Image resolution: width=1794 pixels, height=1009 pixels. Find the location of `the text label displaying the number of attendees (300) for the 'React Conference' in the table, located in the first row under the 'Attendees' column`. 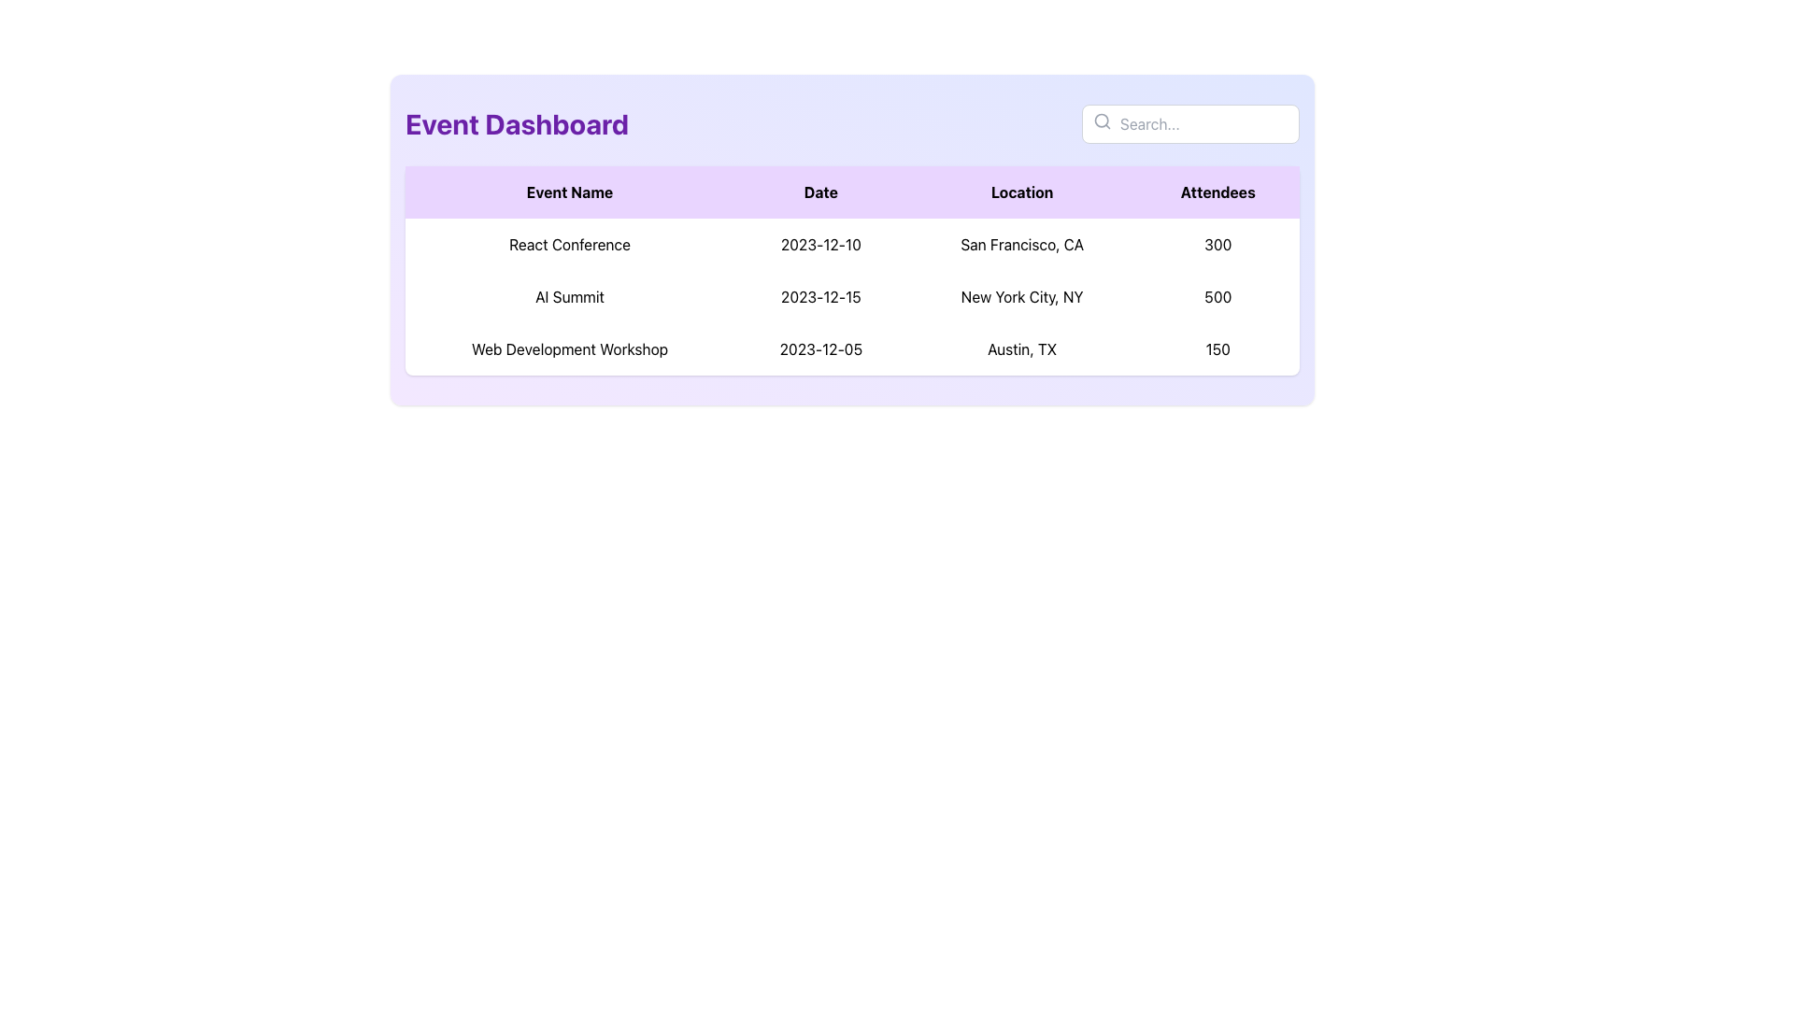

the text label displaying the number of attendees (300) for the 'React Conference' in the table, located in the first row under the 'Attendees' column is located at coordinates (1217, 244).